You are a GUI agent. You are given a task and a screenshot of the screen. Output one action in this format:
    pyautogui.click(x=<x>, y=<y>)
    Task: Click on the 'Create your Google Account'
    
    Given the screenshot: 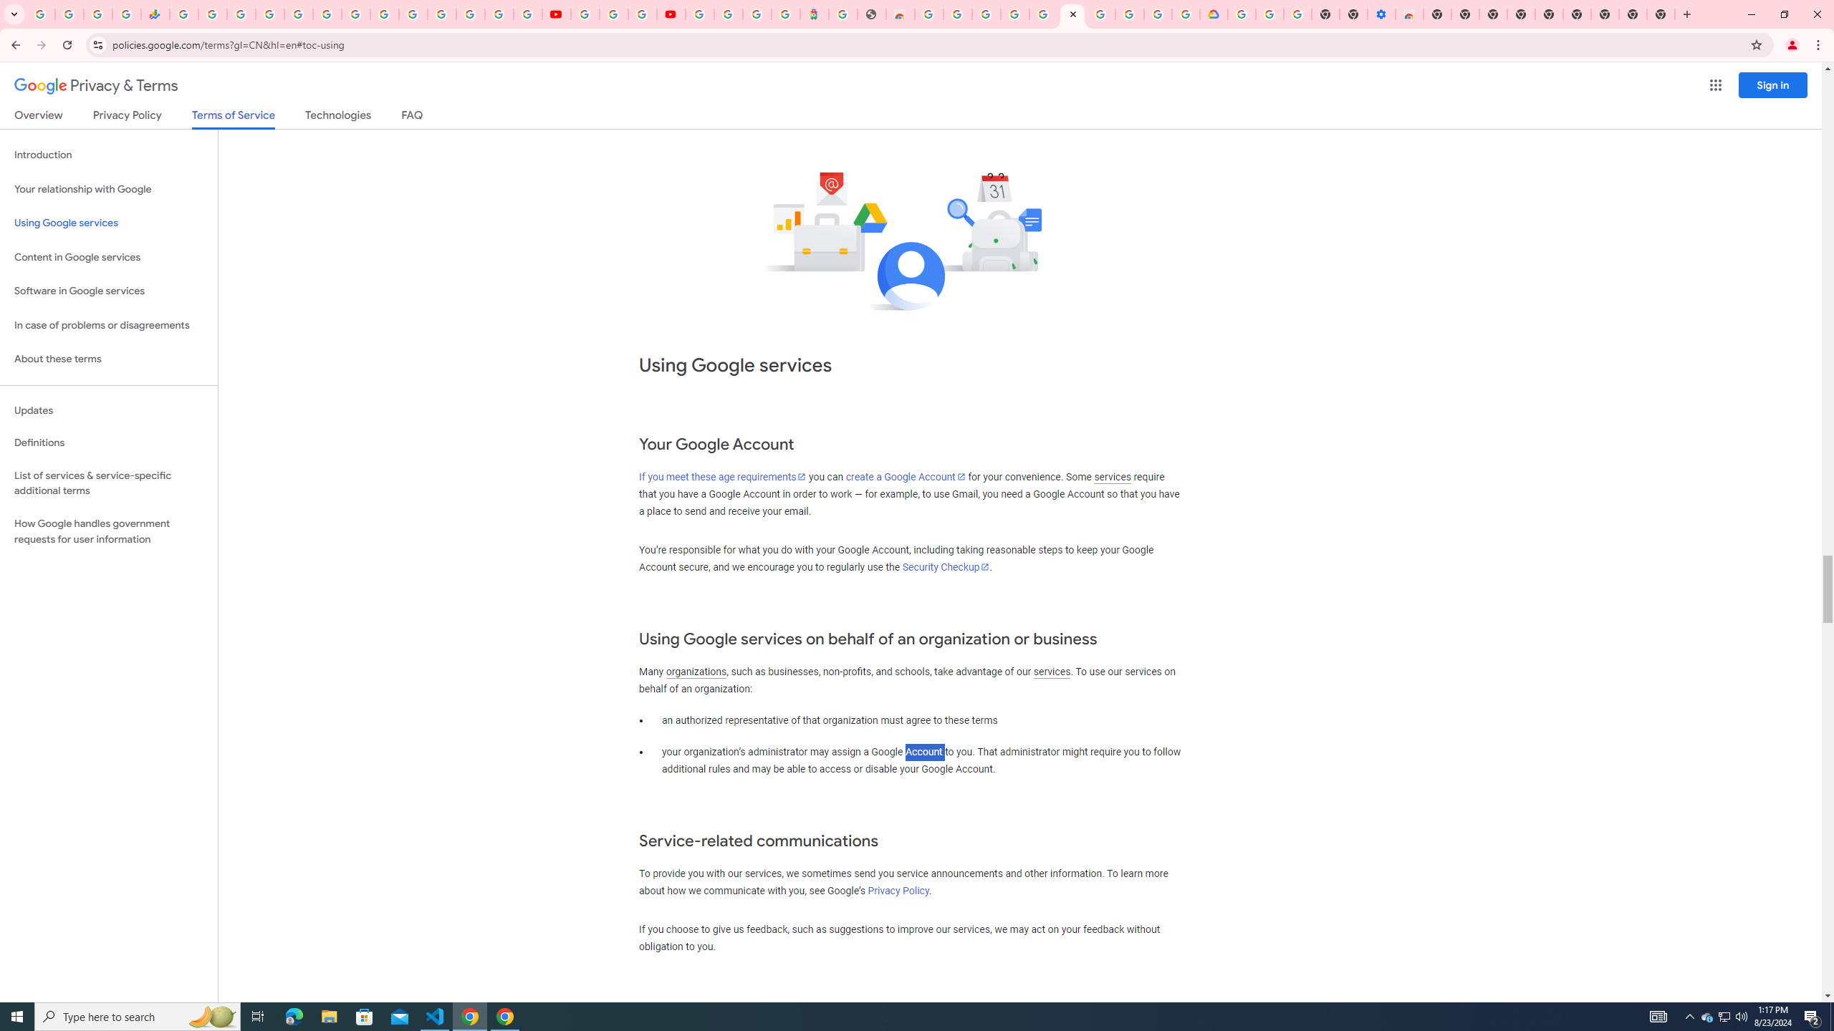 What is the action you would take?
    pyautogui.click(x=642, y=14)
    